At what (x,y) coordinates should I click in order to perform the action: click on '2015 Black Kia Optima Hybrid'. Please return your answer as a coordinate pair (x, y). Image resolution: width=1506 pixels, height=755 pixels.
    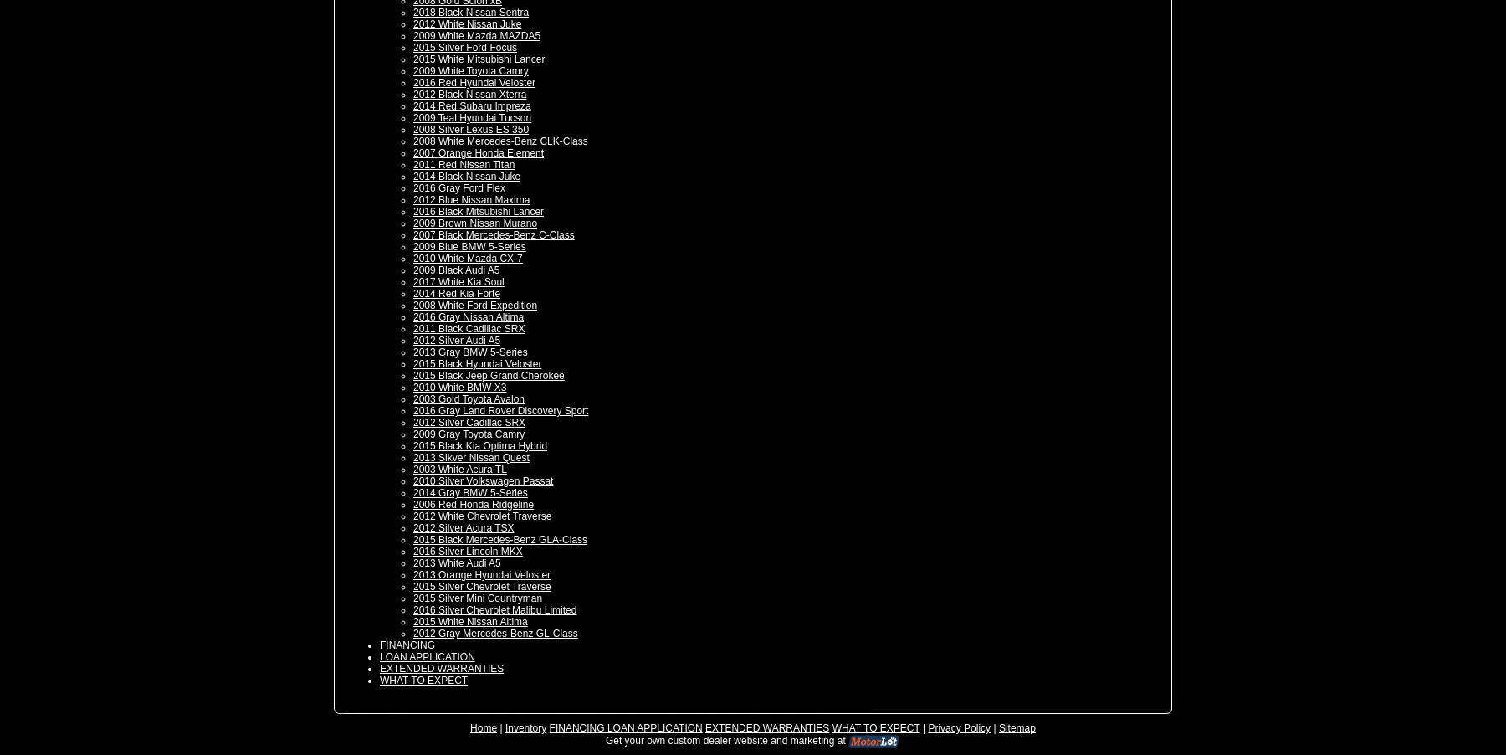
    Looking at the image, I should click on (480, 445).